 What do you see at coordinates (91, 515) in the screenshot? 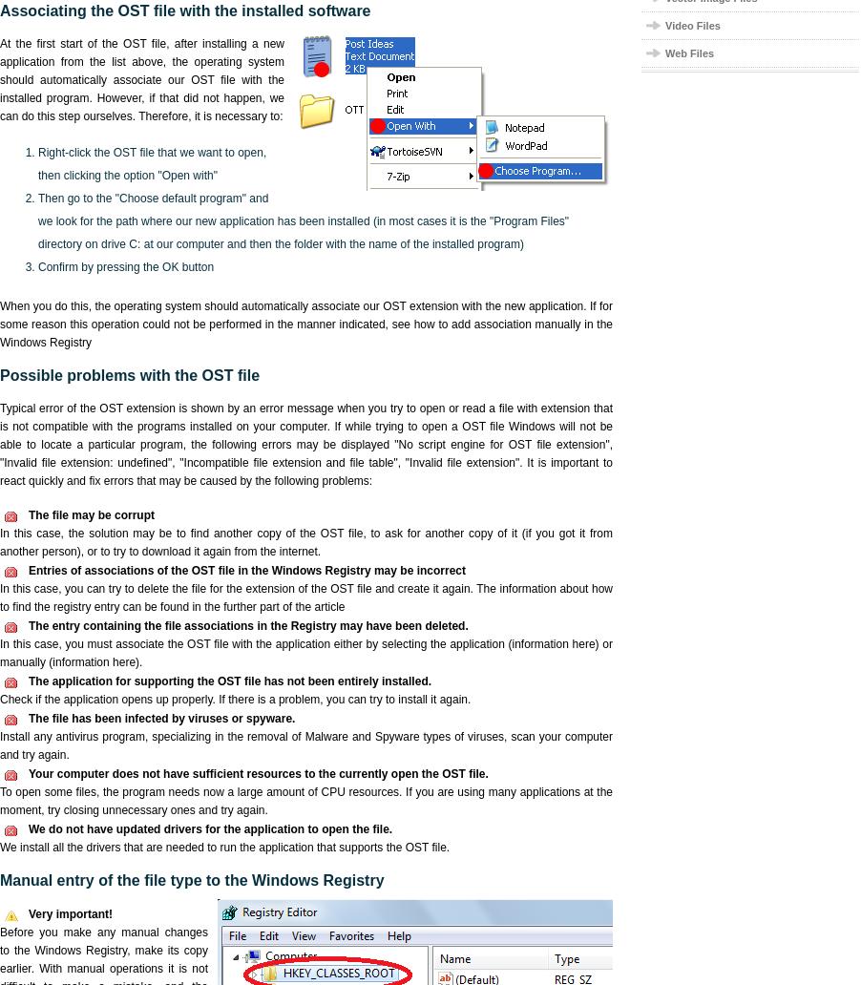
I see `'The file may be corrupt'` at bounding box center [91, 515].